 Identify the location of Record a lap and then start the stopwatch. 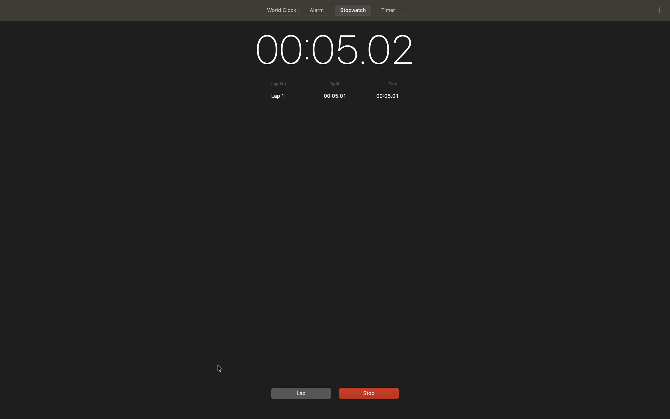
(300, 393).